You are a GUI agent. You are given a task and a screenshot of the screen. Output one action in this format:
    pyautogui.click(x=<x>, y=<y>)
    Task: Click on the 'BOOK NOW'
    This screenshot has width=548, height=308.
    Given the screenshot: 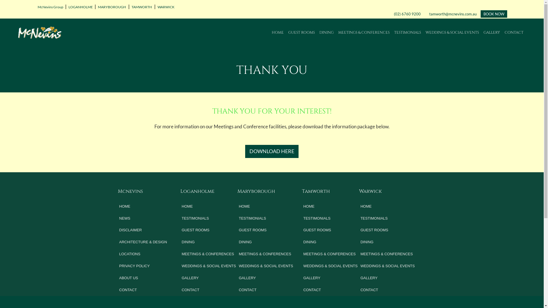 What is the action you would take?
    pyautogui.click(x=493, y=14)
    